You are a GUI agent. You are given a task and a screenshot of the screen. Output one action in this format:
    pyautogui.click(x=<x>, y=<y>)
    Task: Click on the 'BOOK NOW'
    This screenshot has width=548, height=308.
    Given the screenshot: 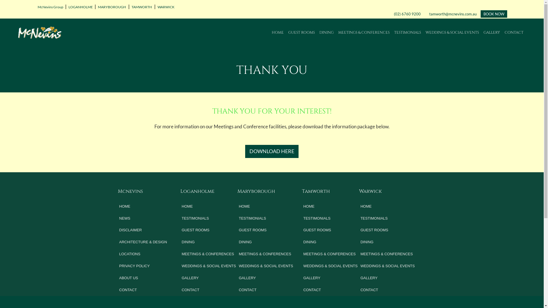 What is the action you would take?
    pyautogui.click(x=493, y=14)
    